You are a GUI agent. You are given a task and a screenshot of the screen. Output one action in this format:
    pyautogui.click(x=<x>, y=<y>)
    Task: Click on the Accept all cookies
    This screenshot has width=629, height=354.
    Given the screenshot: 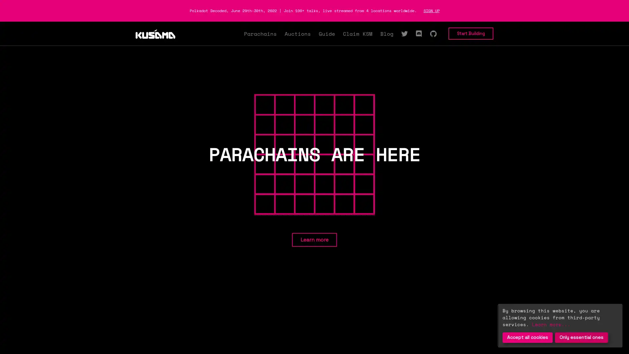 What is the action you would take?
    pyautogui.click(x=527, y=337)
    